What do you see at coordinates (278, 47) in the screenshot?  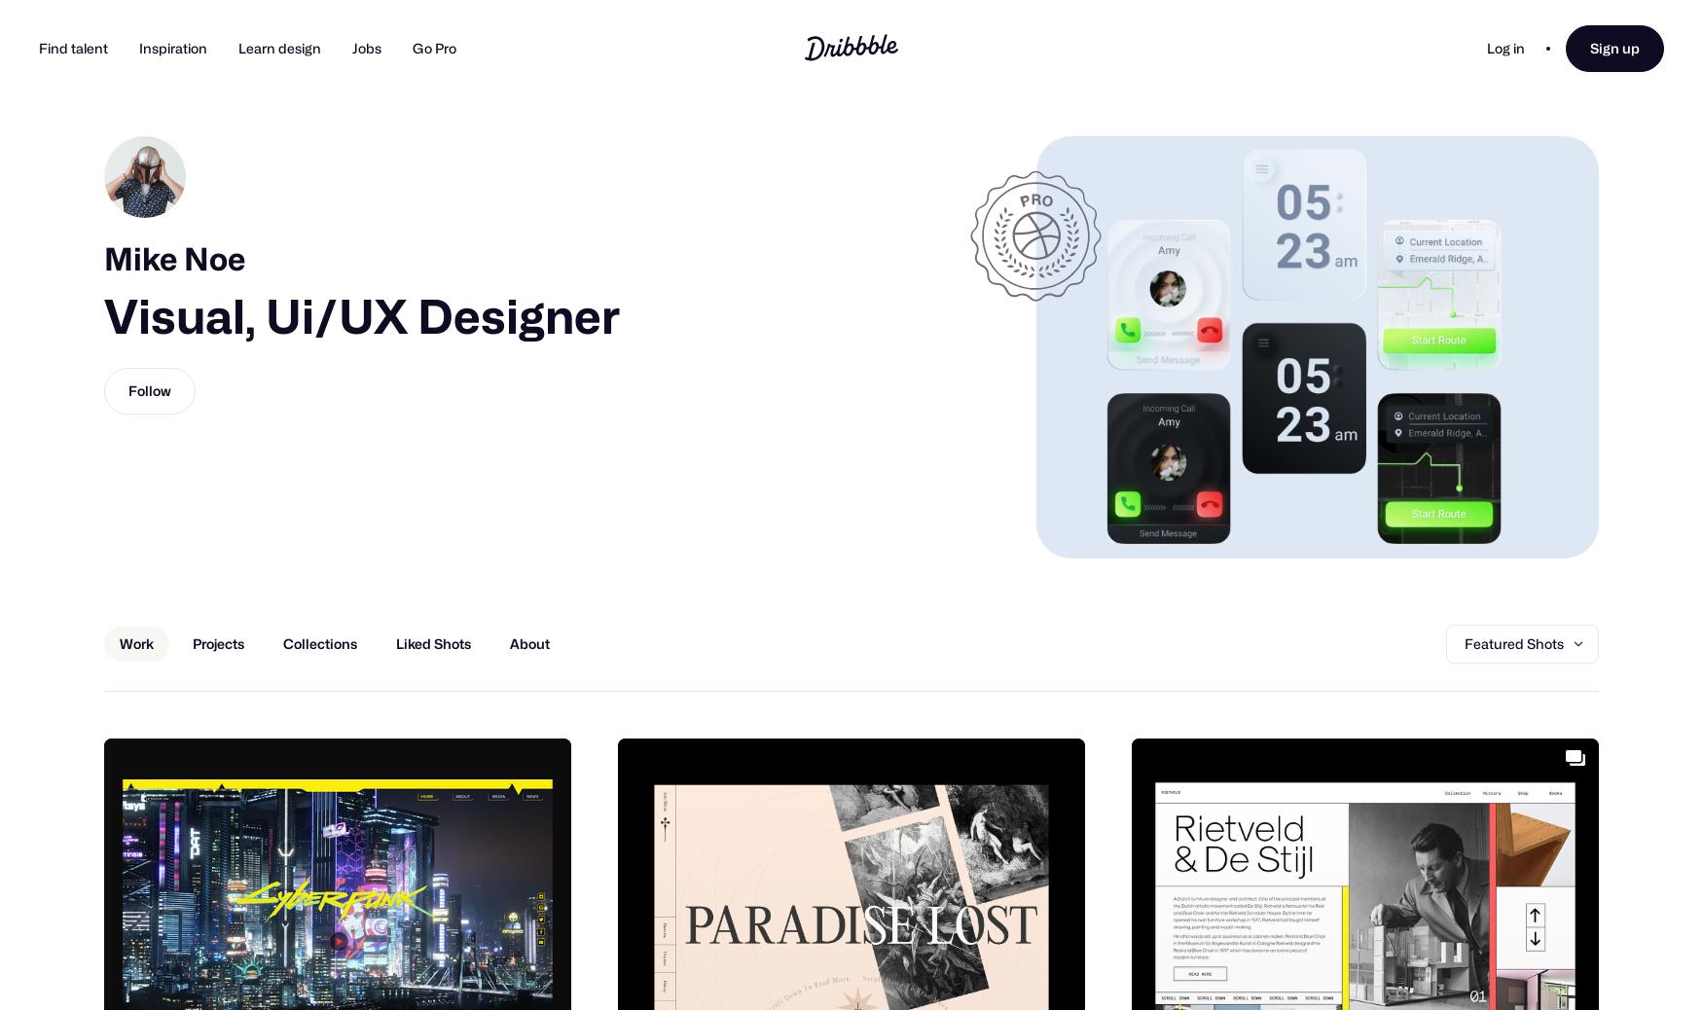 I see `'Learn design'` at bounding box center [278, 47].